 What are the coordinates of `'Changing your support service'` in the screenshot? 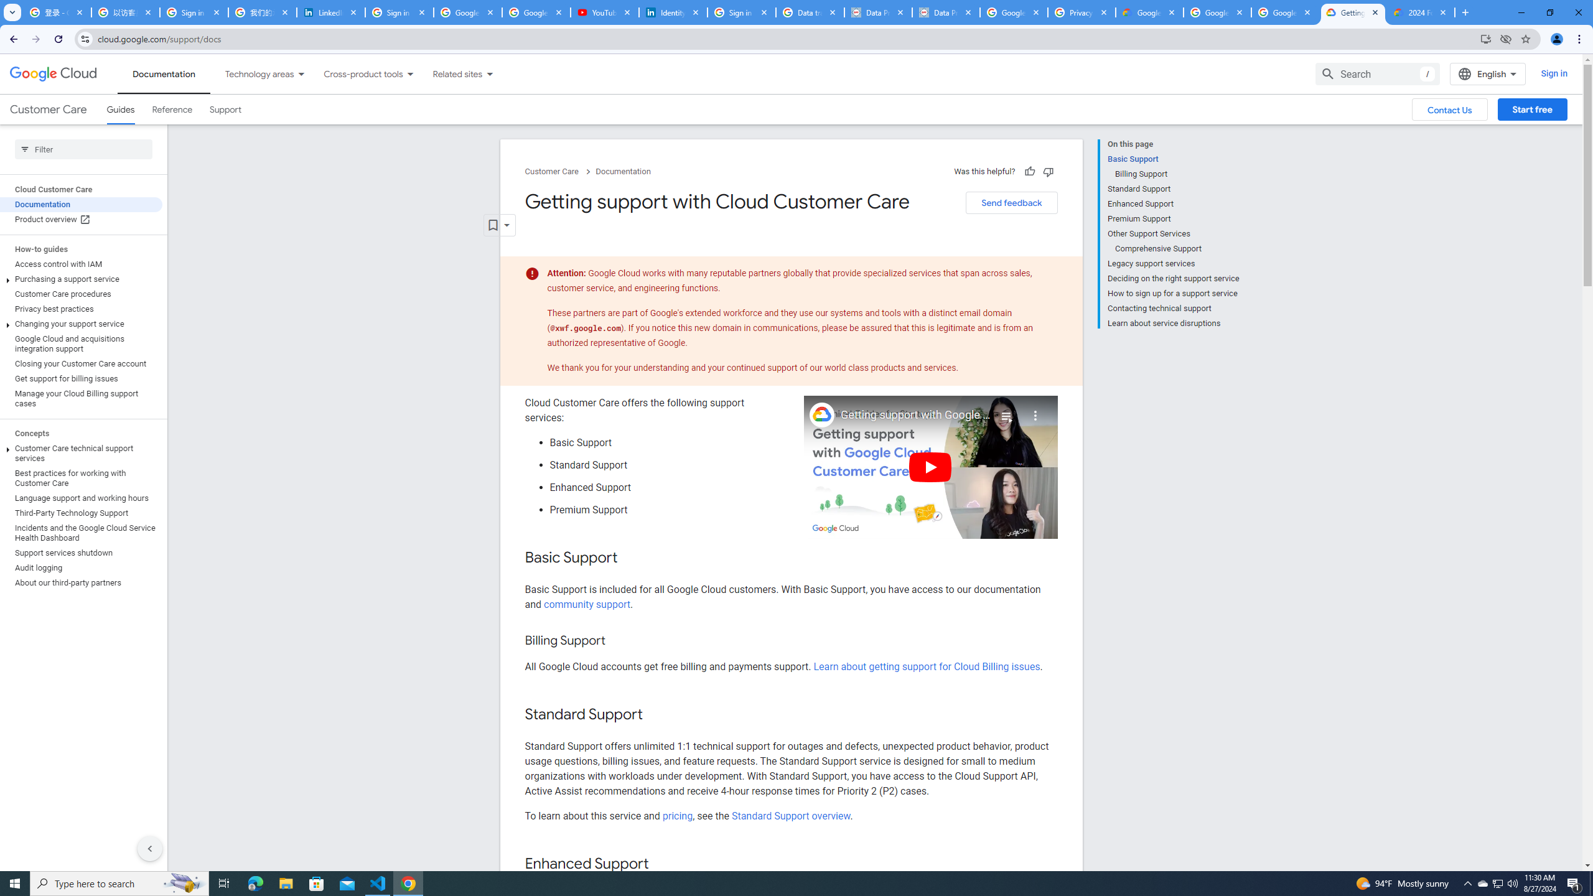 It's located at (81, 324).